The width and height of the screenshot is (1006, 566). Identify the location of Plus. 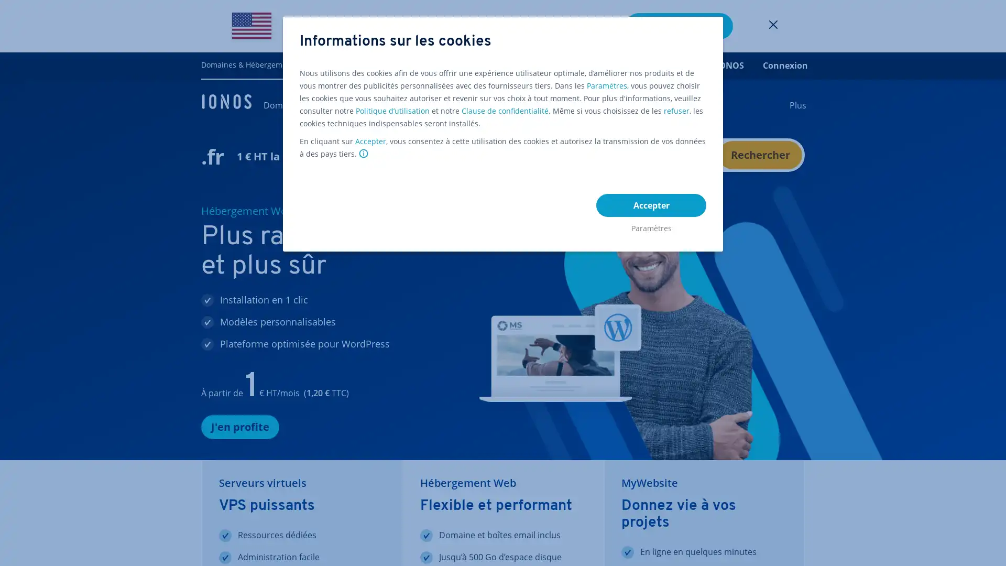
(797, 105).